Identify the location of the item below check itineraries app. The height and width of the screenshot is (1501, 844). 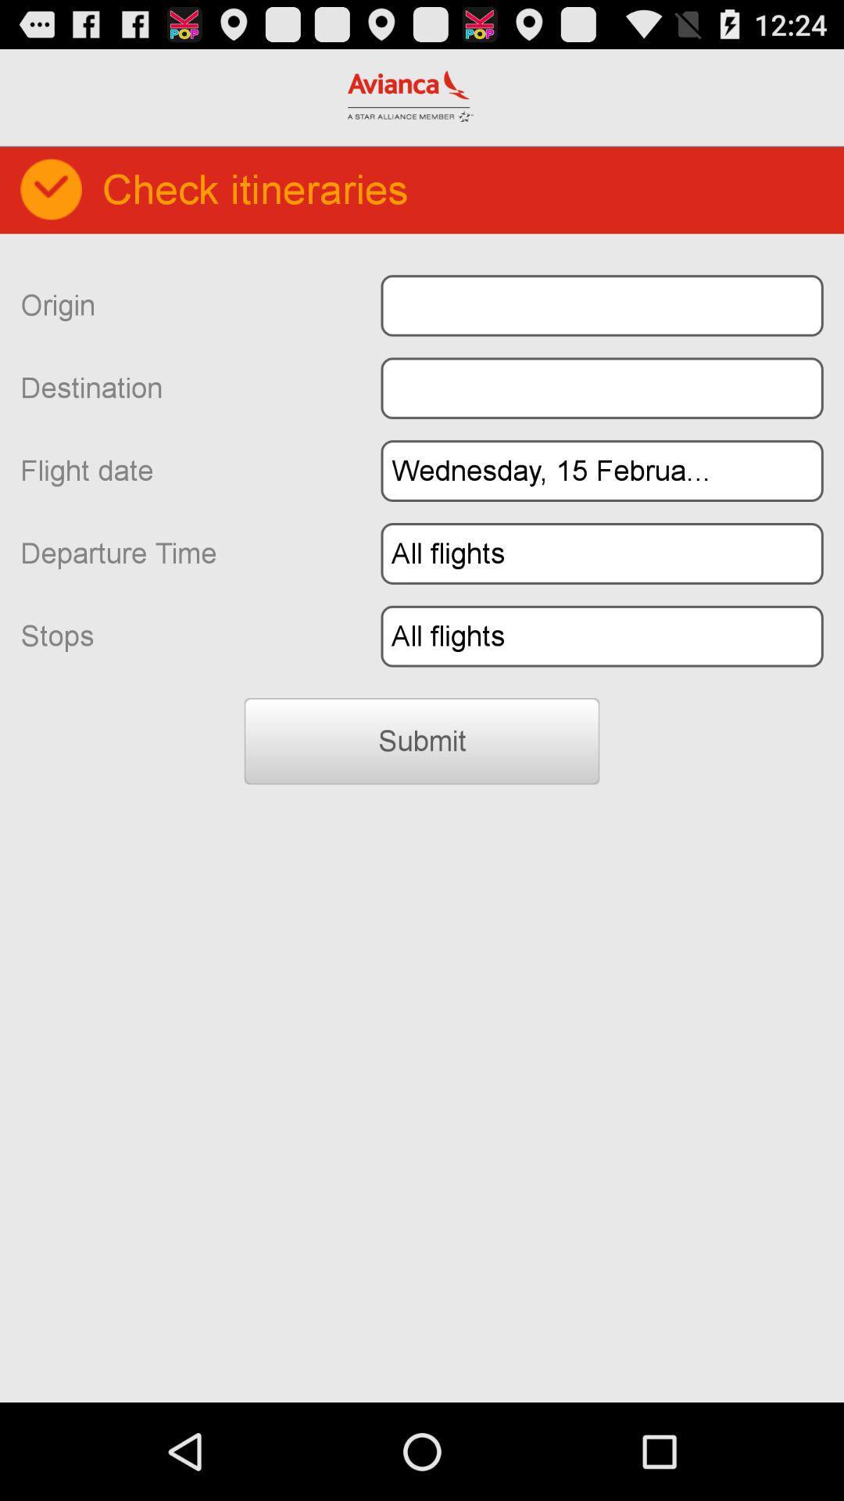
(601, 306).